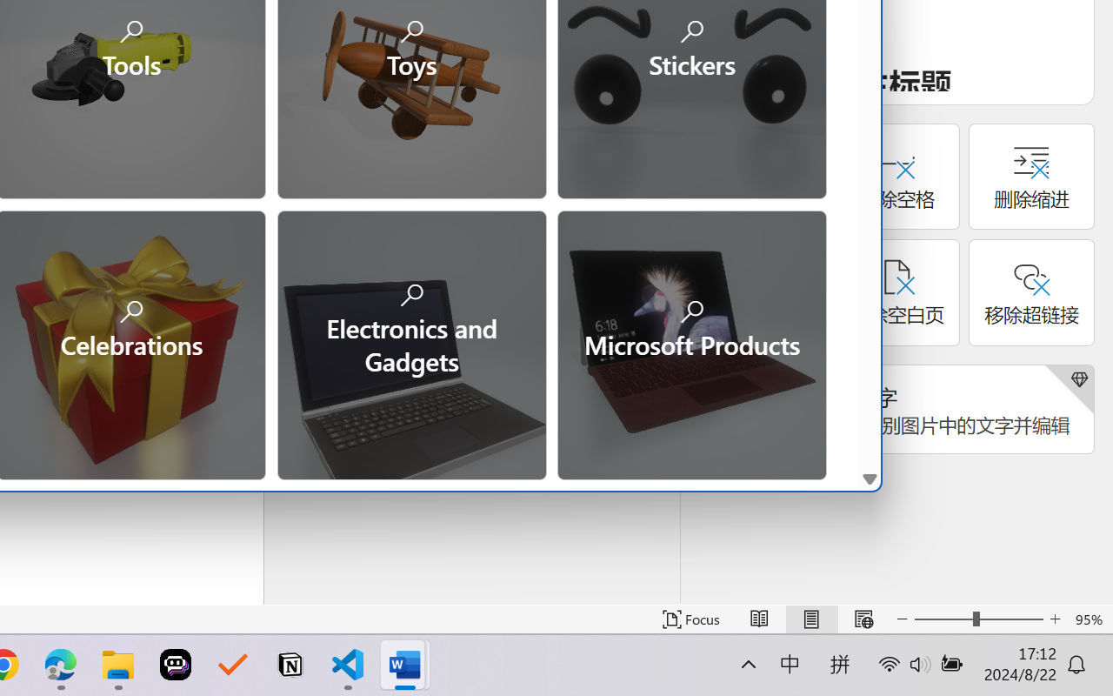  I want to click on 'Microsoft Products', so click(690, 342).